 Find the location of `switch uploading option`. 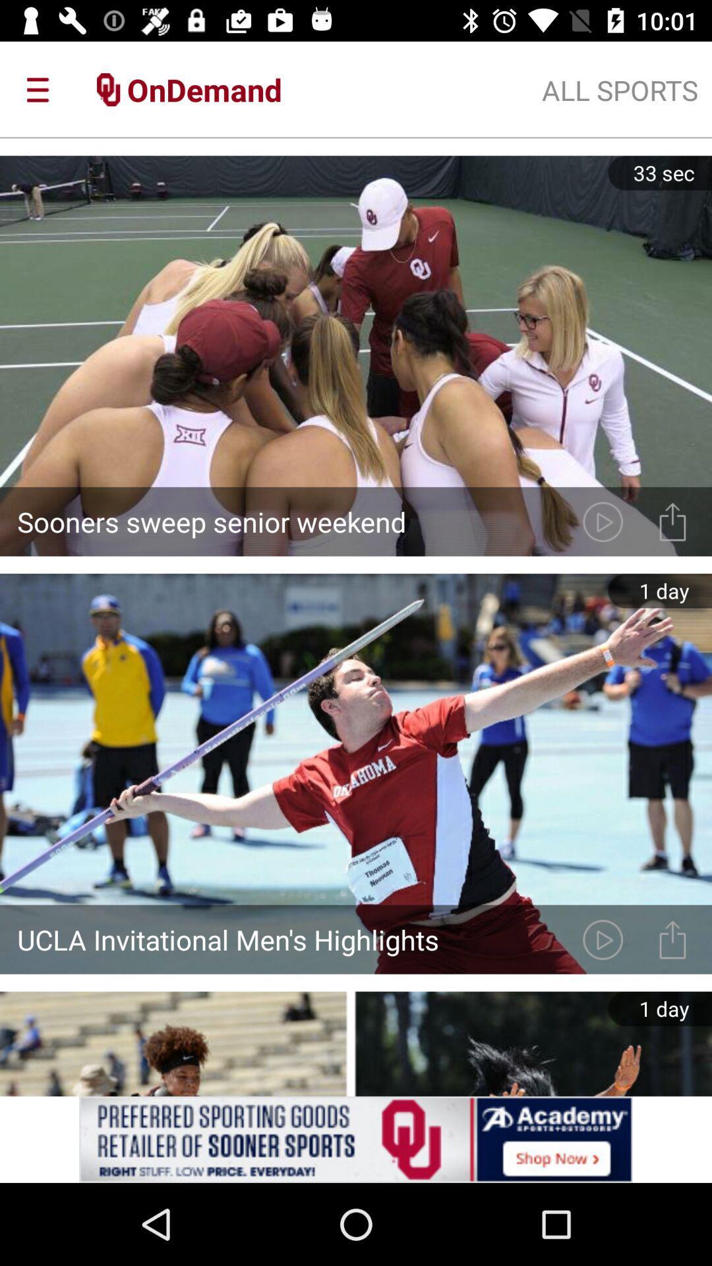

switch uploading option is located at coordinates (672, 939).